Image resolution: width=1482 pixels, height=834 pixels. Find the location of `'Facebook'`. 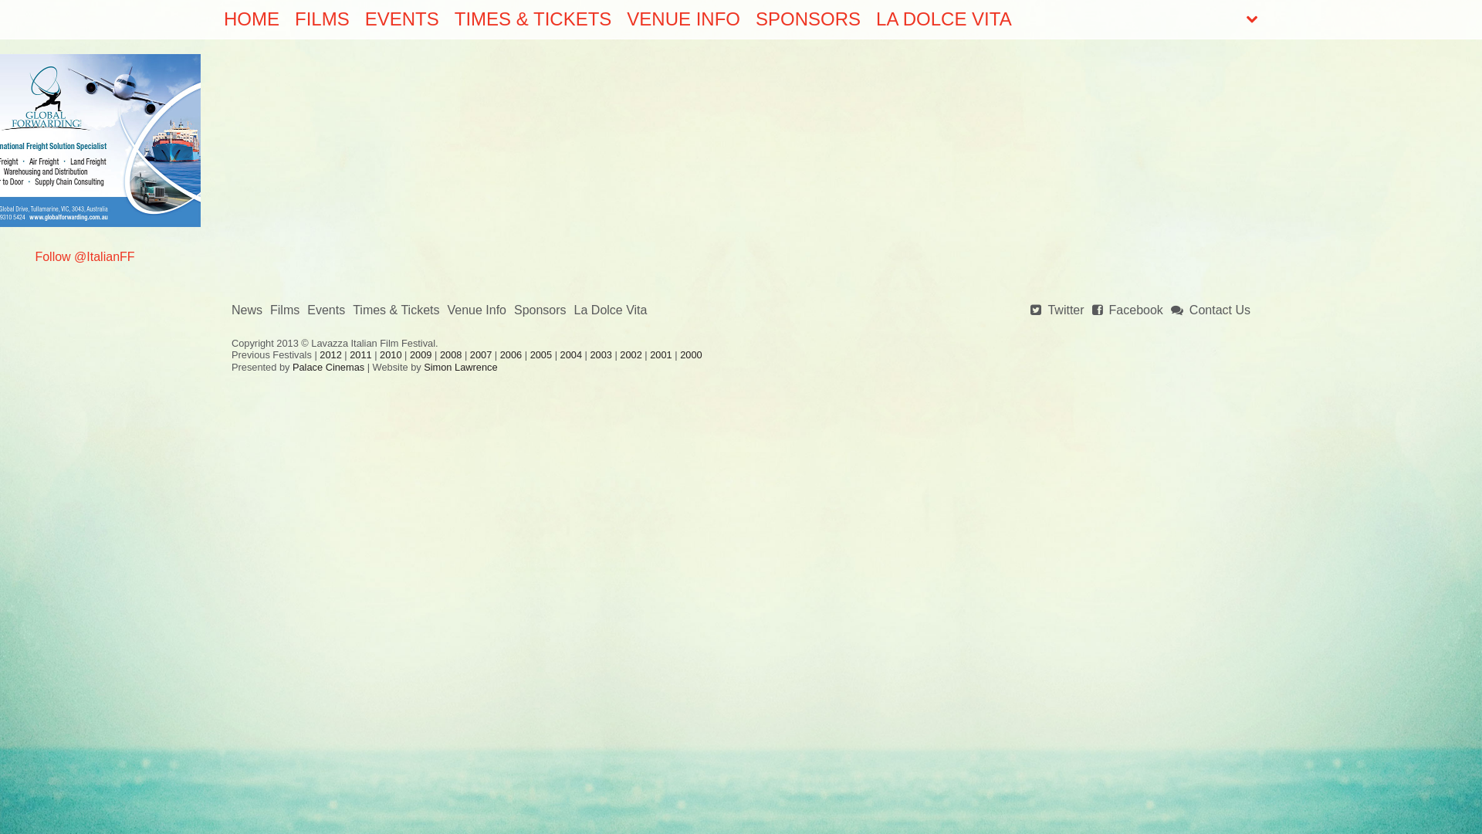

'Facebook' is located at coordinates (1127, 310).